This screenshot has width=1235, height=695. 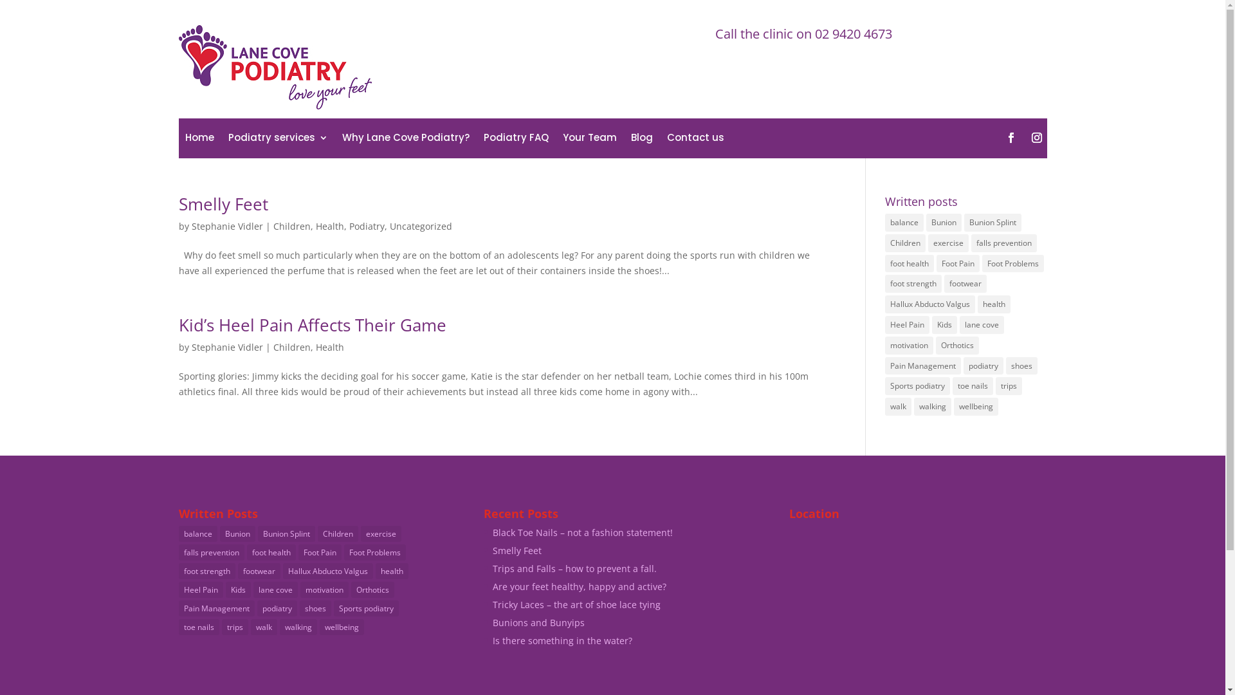 I want to click on 'Blog', so click(x=630, y=140).